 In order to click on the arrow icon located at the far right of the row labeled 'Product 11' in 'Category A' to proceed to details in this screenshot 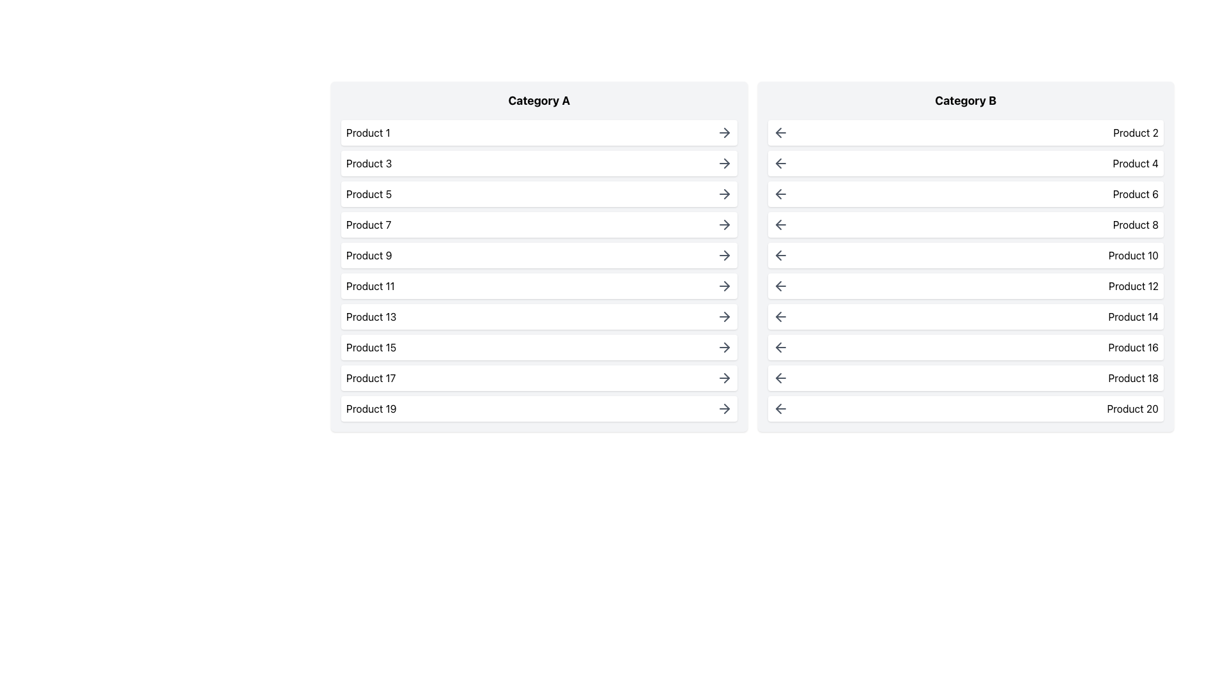, I will do `click(724, 285)`.